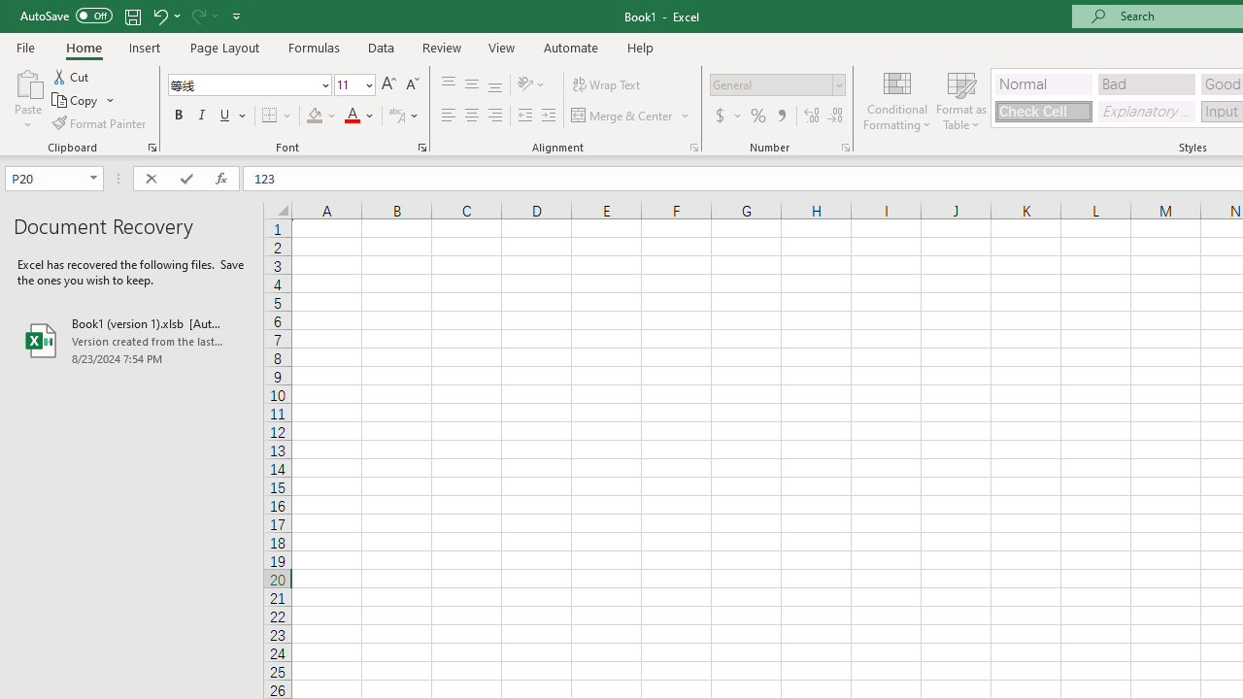 The height and width of the screenshot is (699, 1243). I want to click on 'Format Cell Alignment', so click(693, 146).